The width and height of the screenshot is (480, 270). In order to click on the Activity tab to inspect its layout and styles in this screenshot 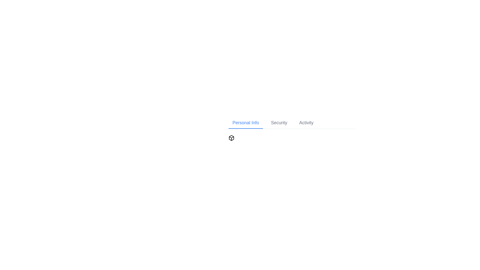, I will do `click(306, 123)`.